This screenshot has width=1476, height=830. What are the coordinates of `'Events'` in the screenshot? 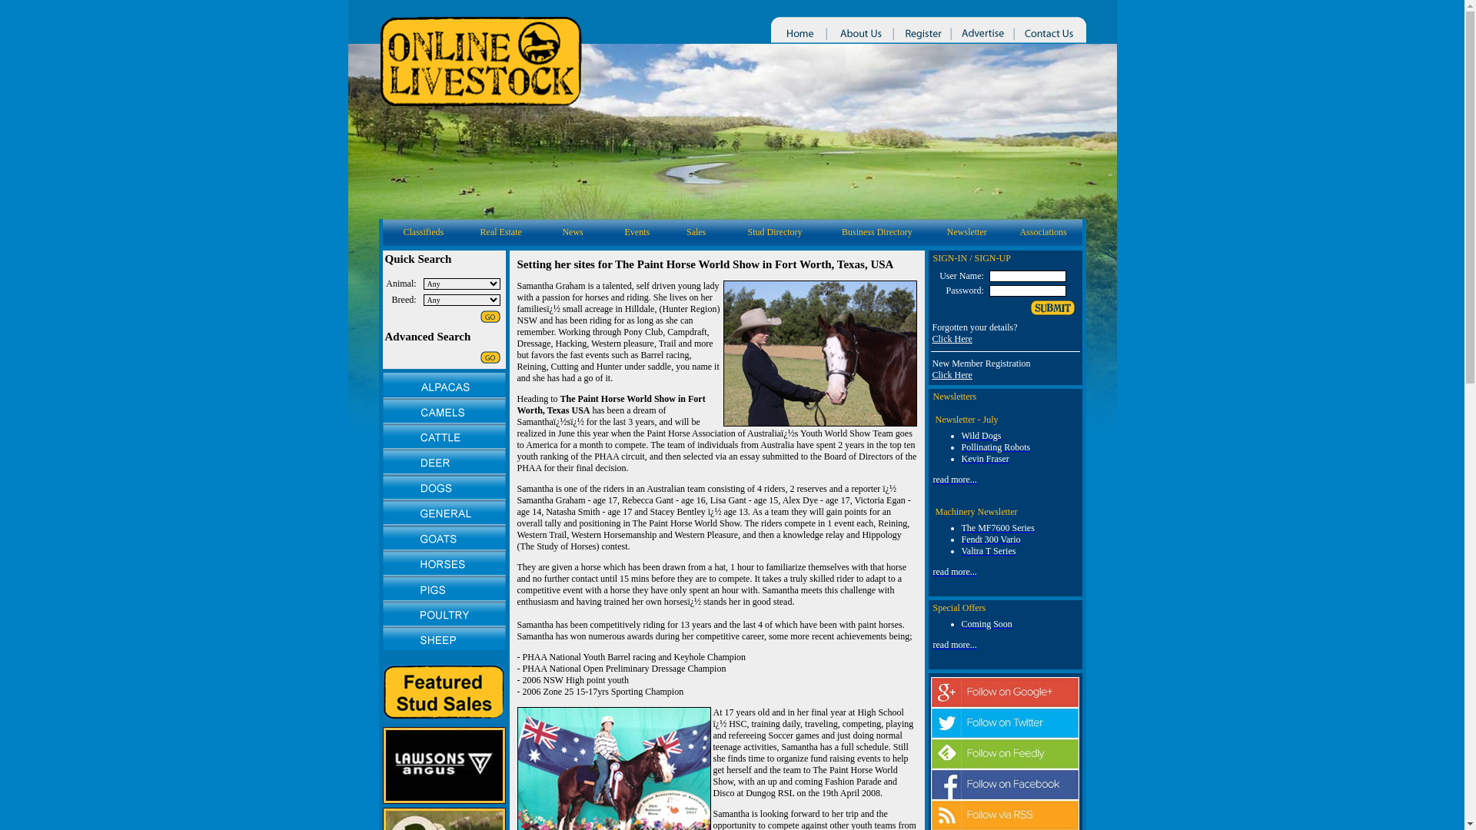 It's located at (637, 231).